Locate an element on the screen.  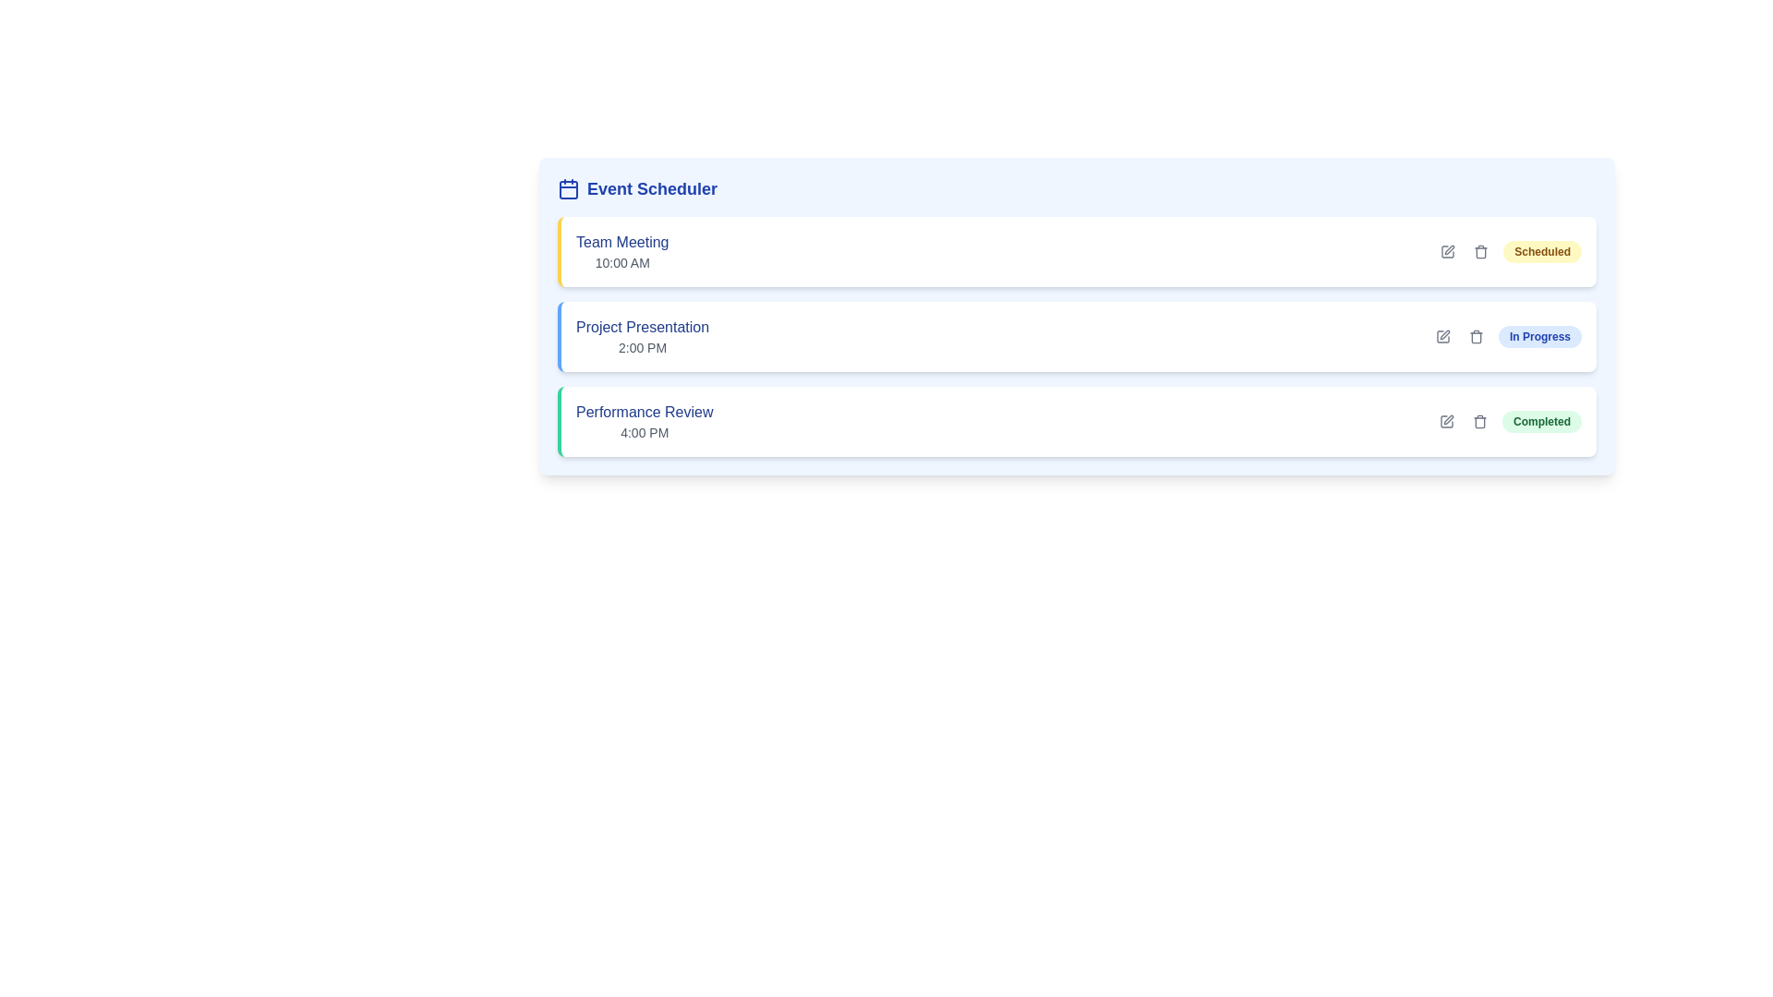
the edit icon button located to the right of the 'Team Meeting' label and before the 'Scheduled' status indicator is located at coordinates (1447, 252).